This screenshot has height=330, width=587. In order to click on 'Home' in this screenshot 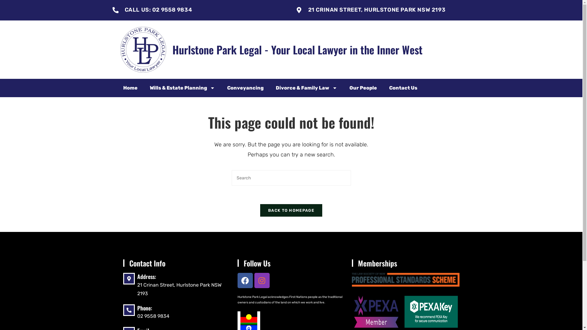, I will do `click(130, 88)`.